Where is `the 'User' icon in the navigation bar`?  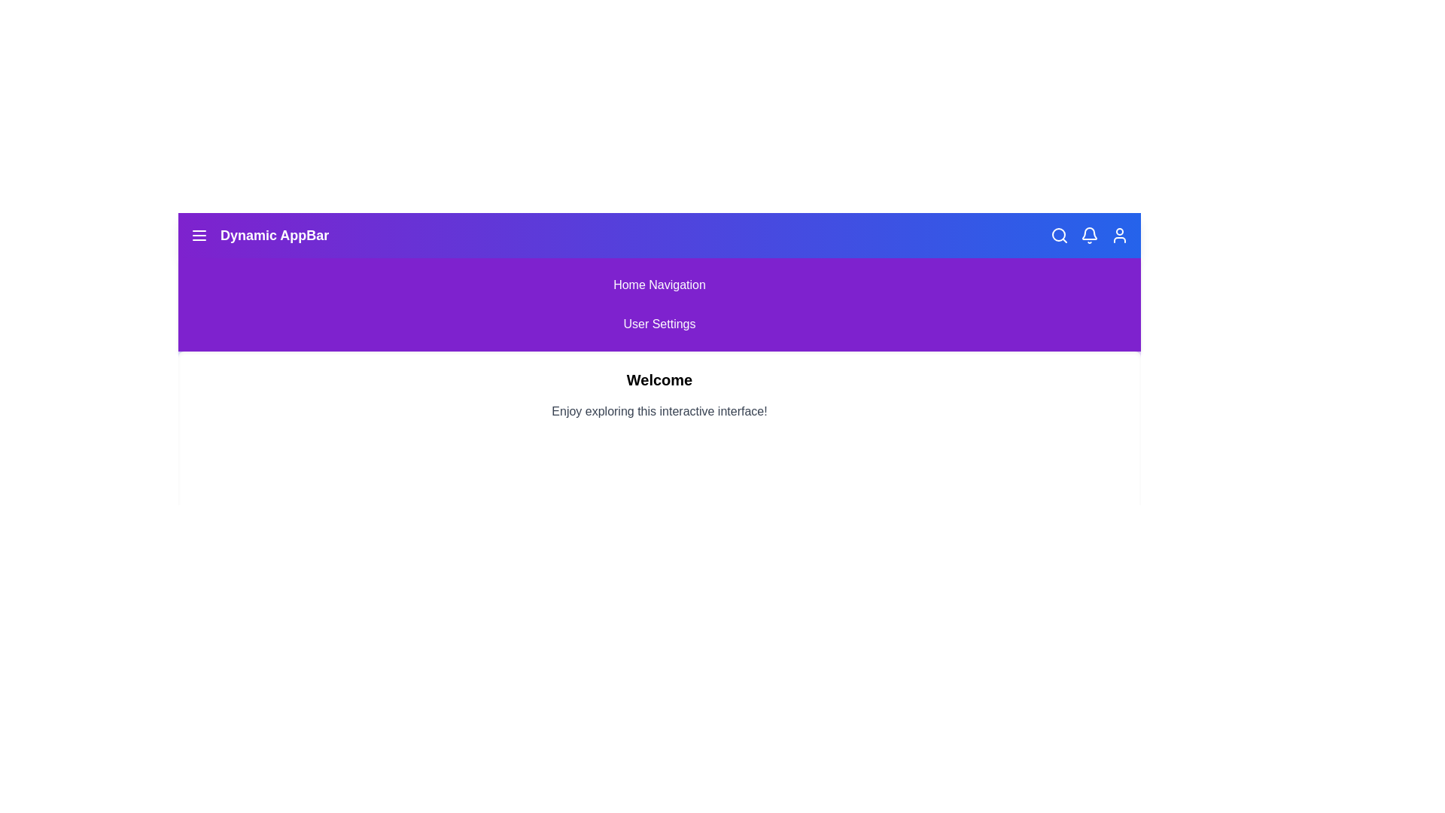 the 'User' icon in the navigation bar is located at coordinates (1120, 235).